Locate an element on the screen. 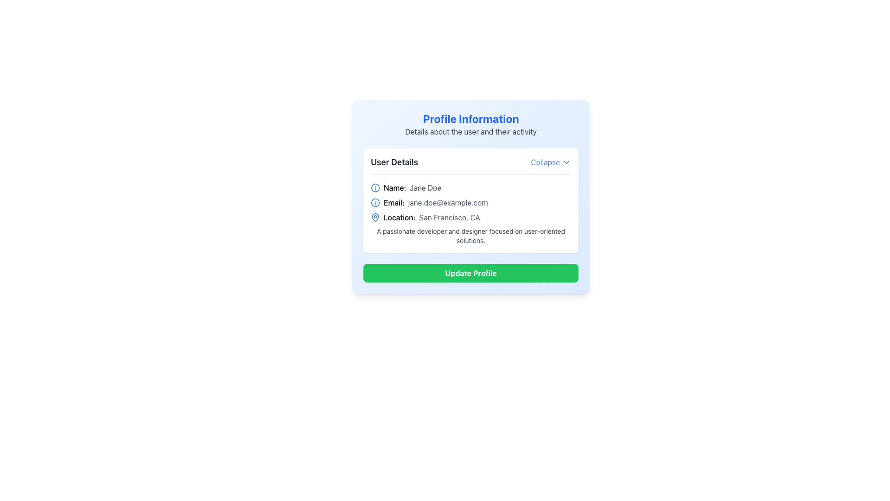 The width and height of the screenshot is (890, 501). the Text Label with Icon that displays the location information 'San Francisco, CA', which is the third element in the User Details section of the Profile Information card is located at coordinates (471, 218).